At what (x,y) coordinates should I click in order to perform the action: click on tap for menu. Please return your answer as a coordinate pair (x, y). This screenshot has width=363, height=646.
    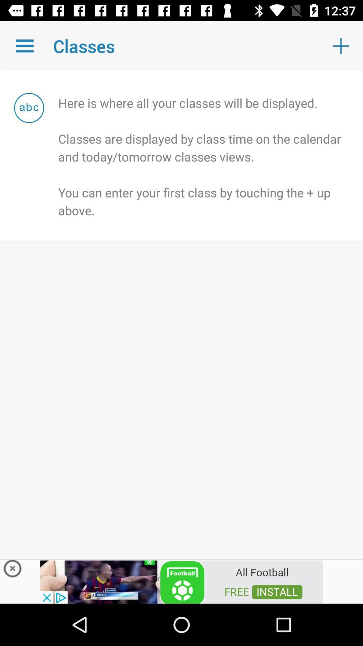
    Looking at the image, I should click on (24, 45).